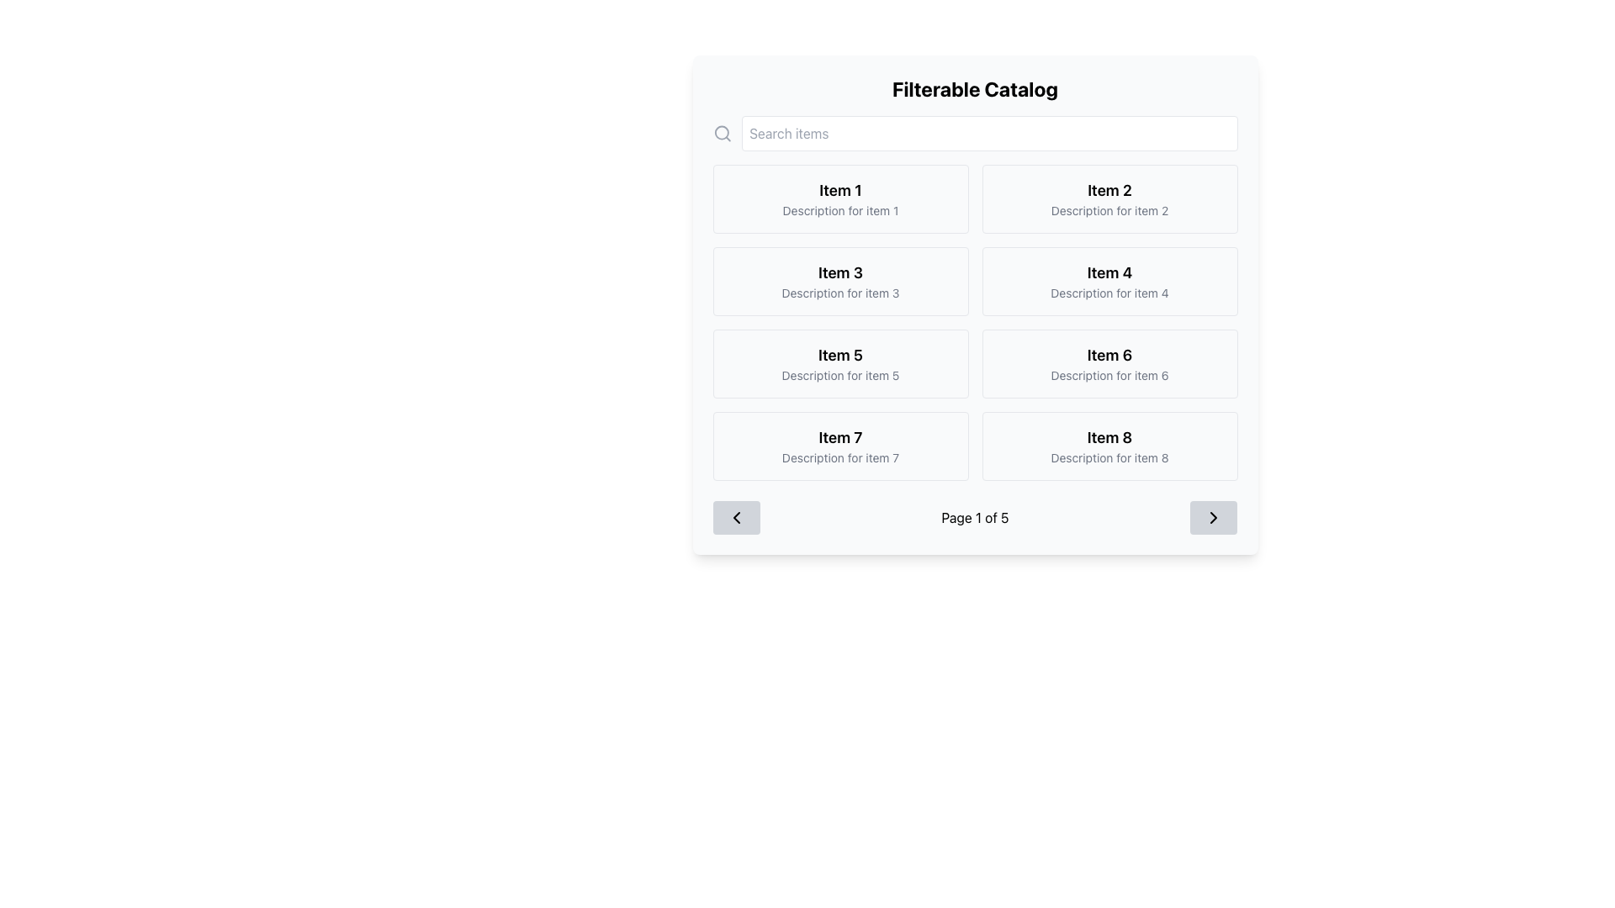 This screenshot has height=908, width=1615. What do you see at coordinates (1109, 436) in the screenshot?
I see `the text label that serves as the header for the card labeled 'Item 8Description for item 8' located in the second column of the last row of the grid layout in the catalog interface` at bounding box center [1109, 436].